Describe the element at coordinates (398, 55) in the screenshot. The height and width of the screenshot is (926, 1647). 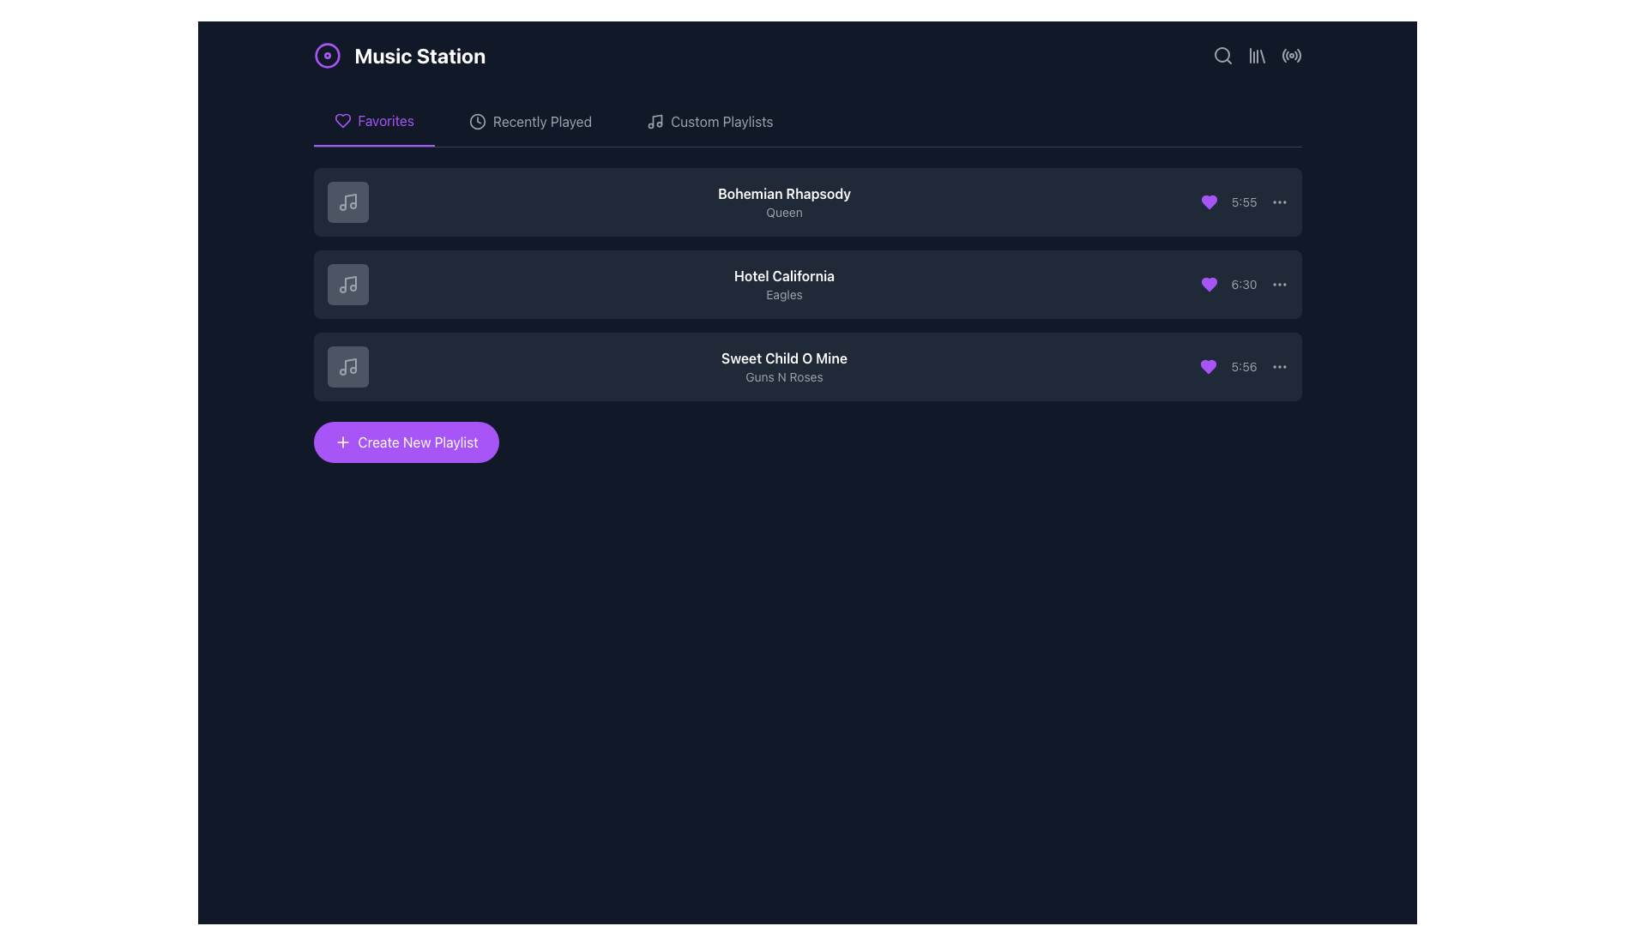
I see `the Label with an icon that serves as the title or branding label of the interface, located at the top-left corner of the application` at that location.